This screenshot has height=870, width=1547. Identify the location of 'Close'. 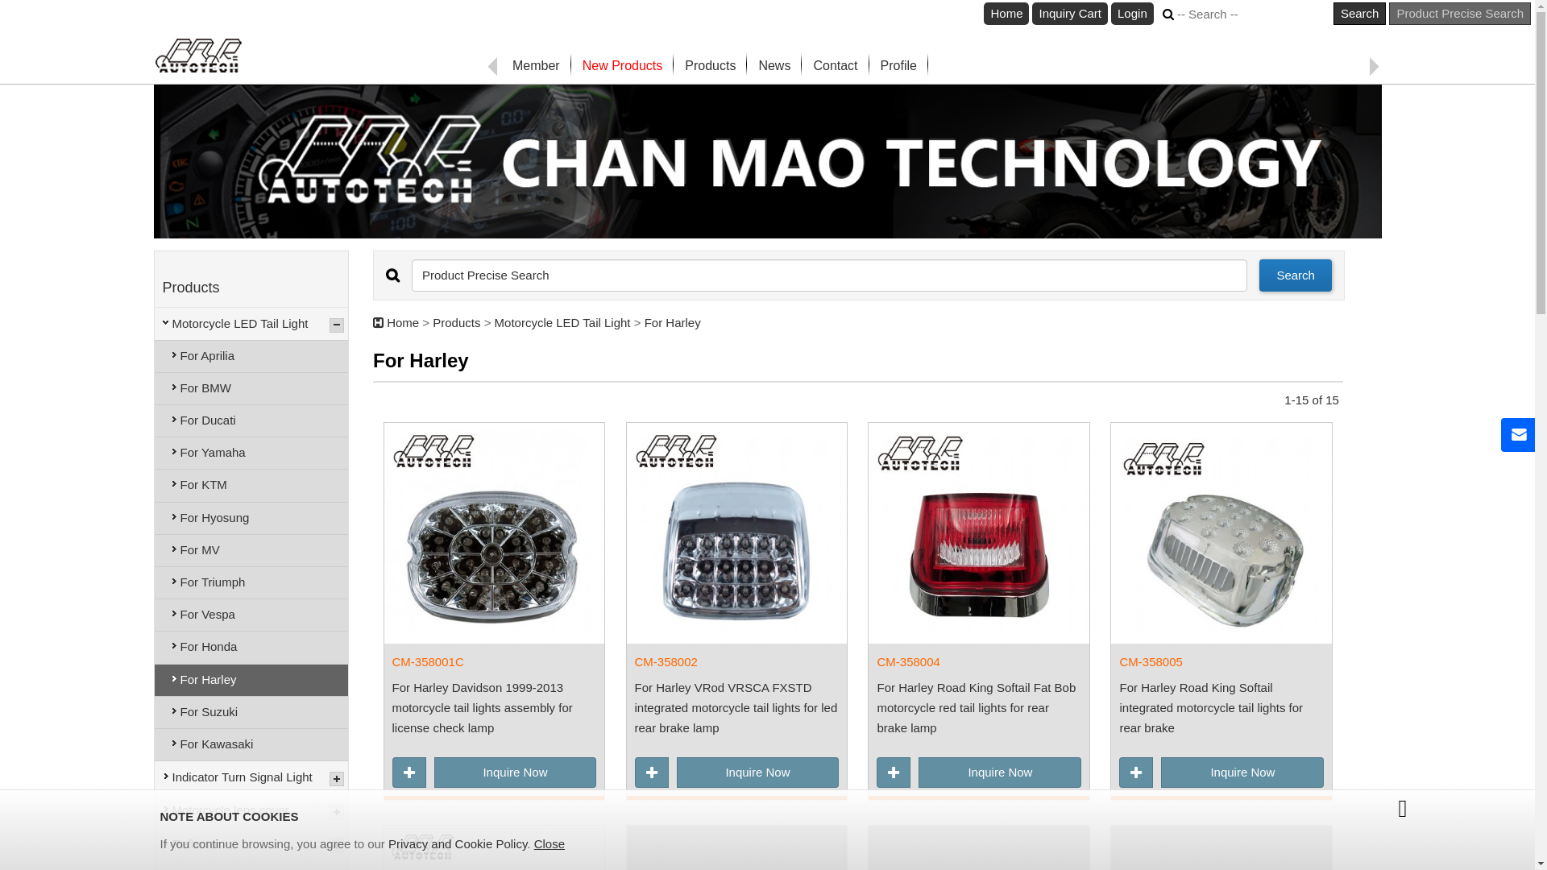
(549, 843).